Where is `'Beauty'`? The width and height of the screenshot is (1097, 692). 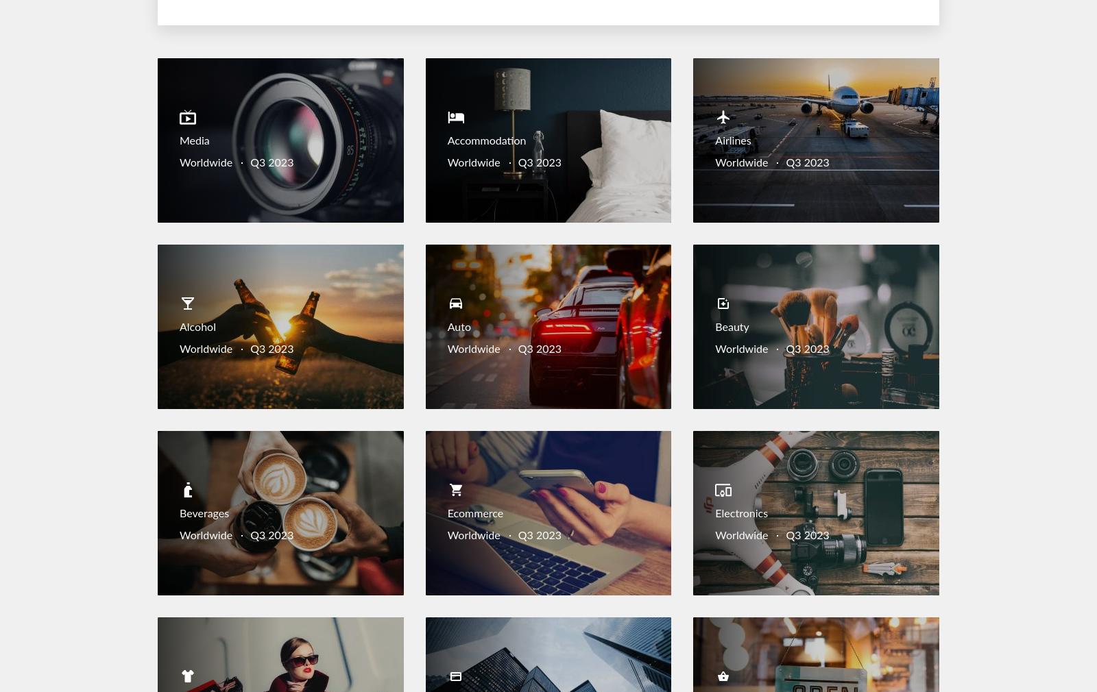
'Beauty' is located at coordinates (715, 328).